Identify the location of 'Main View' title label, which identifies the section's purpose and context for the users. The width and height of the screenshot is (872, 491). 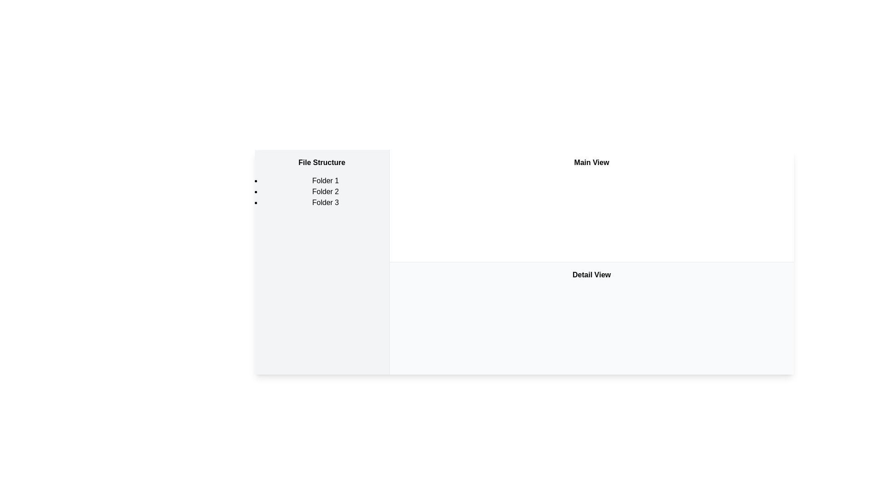
(591, 162).